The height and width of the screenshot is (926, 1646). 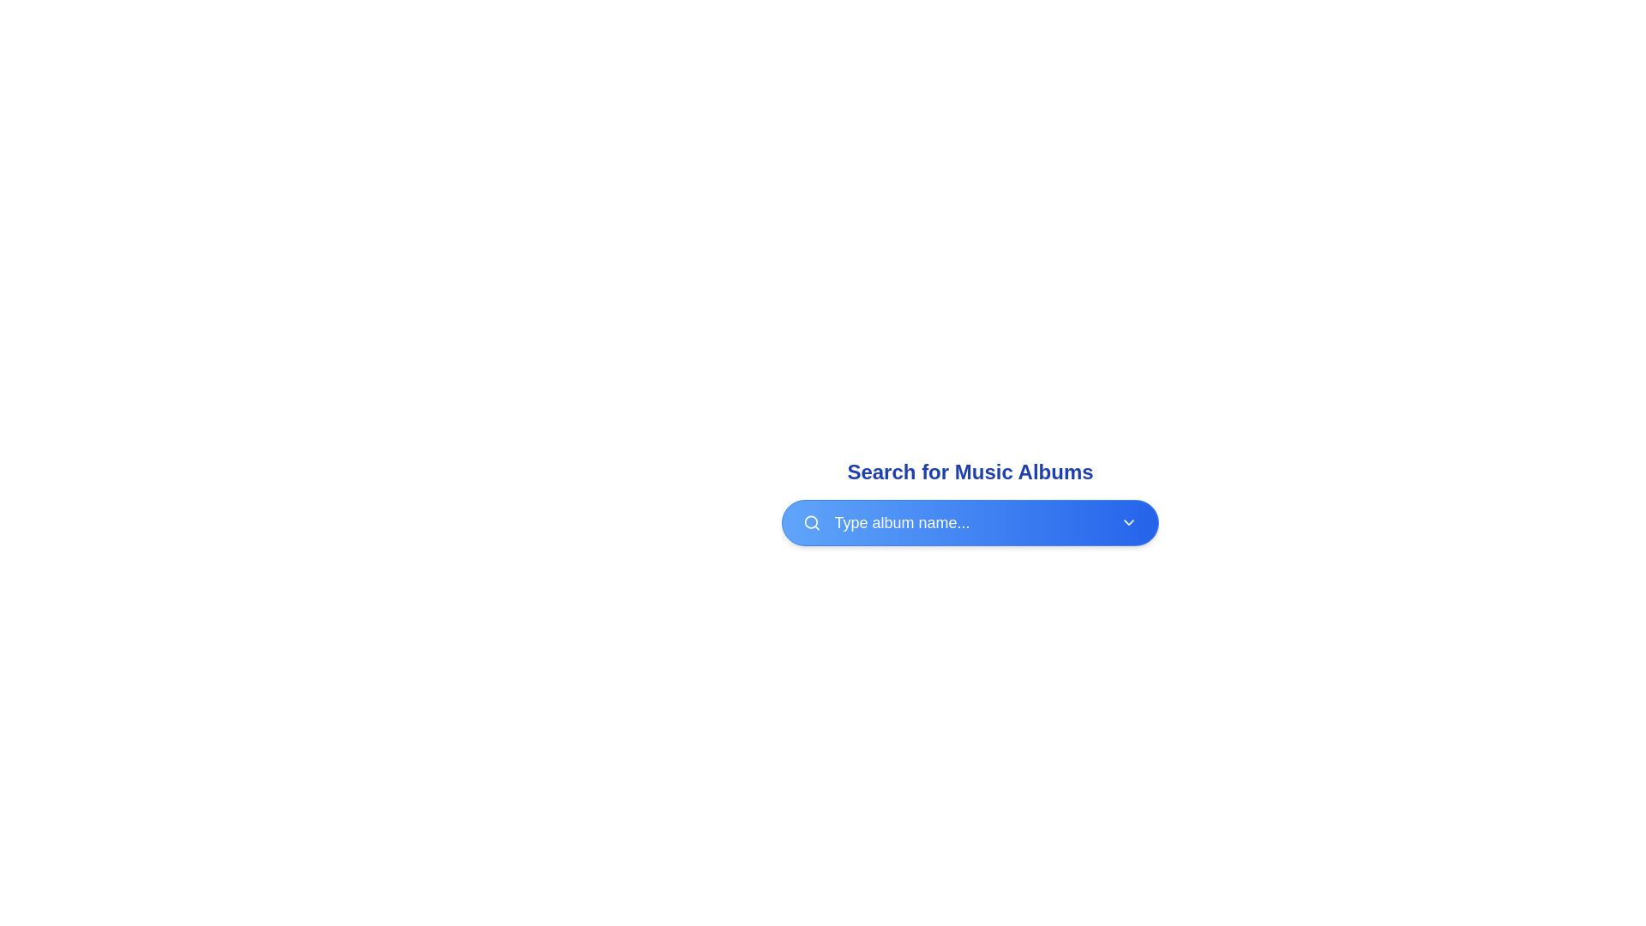 I want to click on the magnifying glass icon located inside the blue rectangular button on the left side of the search text input box, so click(x=811, y=521).